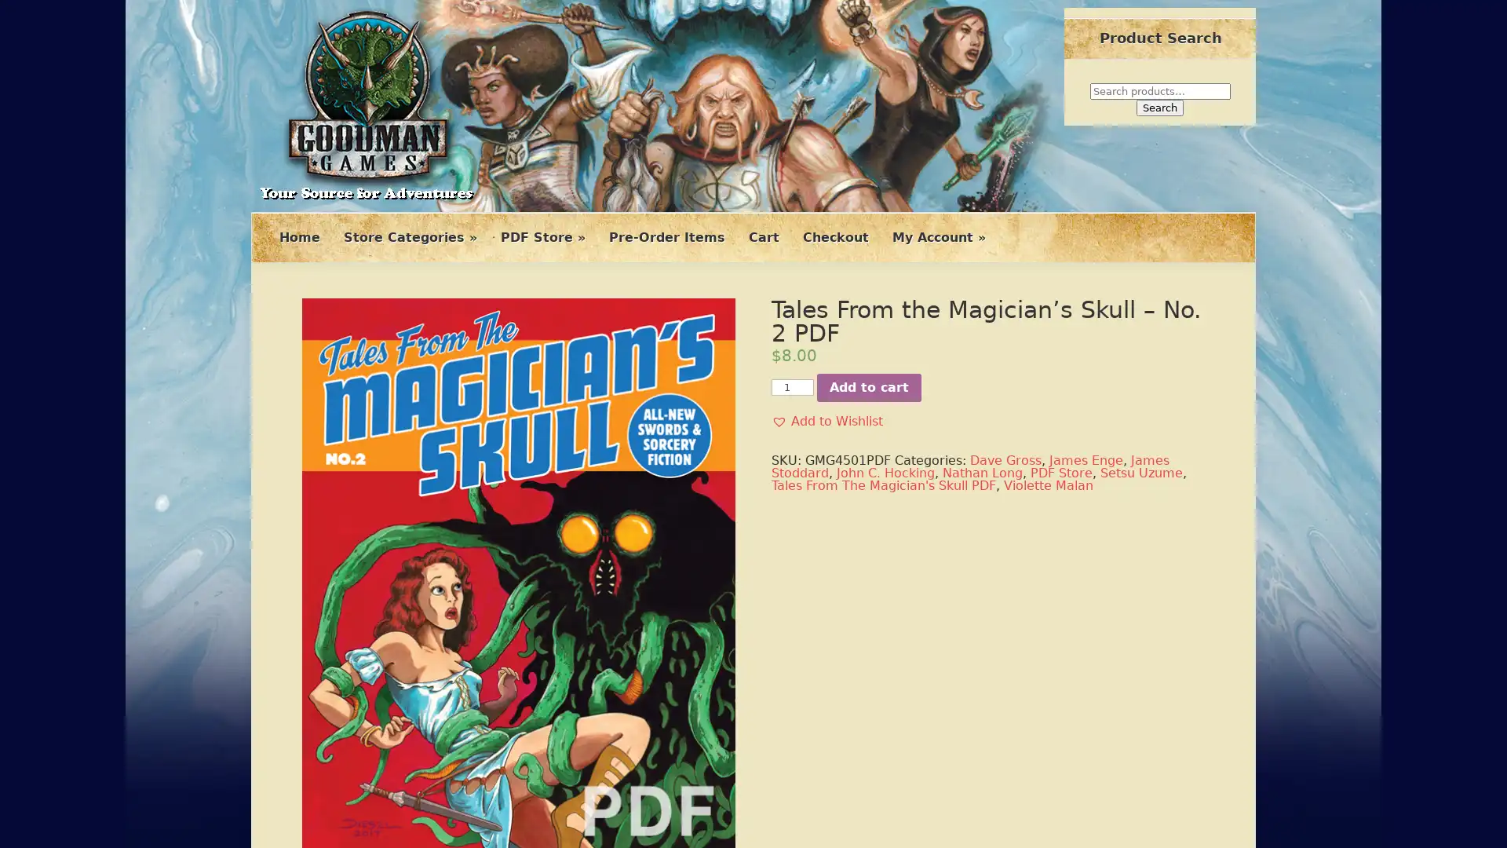 The height and width of the screenshot is (848, 1507). What do you see at coordinates (826, 420) in the screenshot?
I see `Add to Wishlist` at bounding box center [826, 420].